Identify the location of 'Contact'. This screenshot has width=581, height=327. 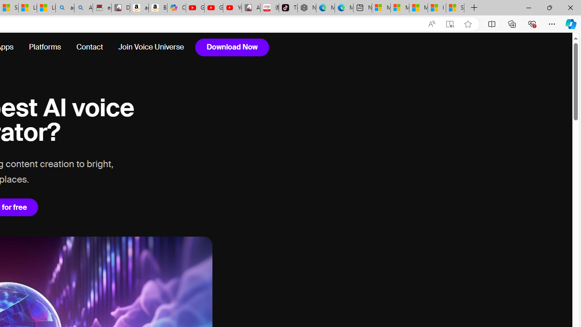
(89, 47).